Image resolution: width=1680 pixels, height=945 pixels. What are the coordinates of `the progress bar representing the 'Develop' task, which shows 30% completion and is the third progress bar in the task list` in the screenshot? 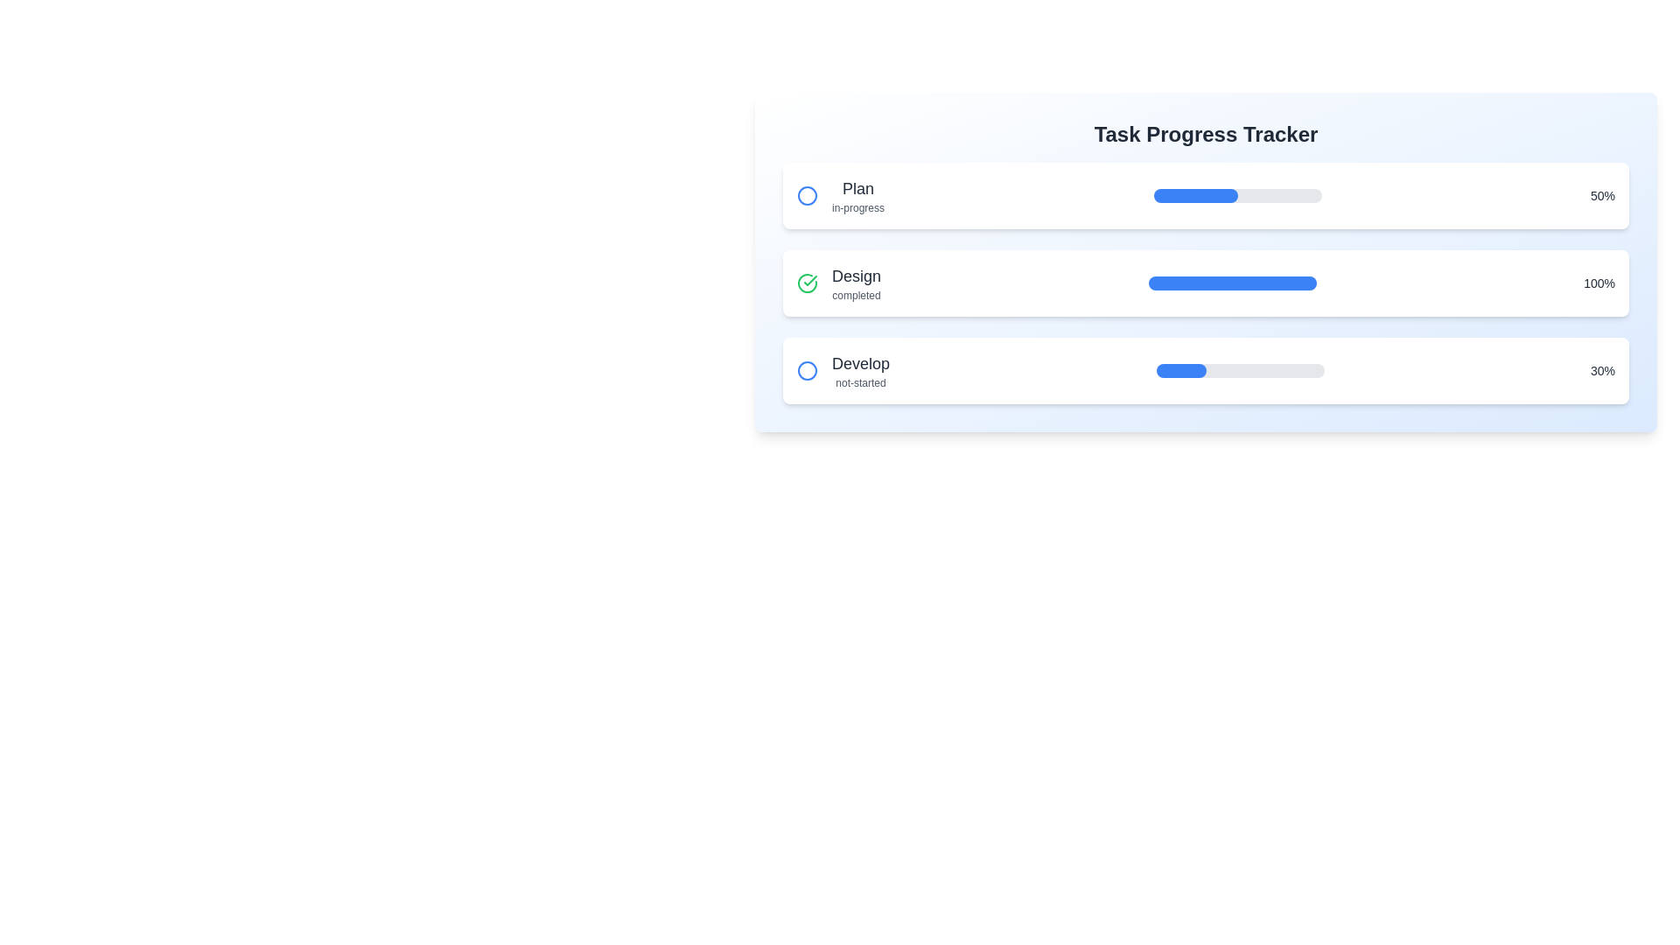 It's located at (1239, 370).